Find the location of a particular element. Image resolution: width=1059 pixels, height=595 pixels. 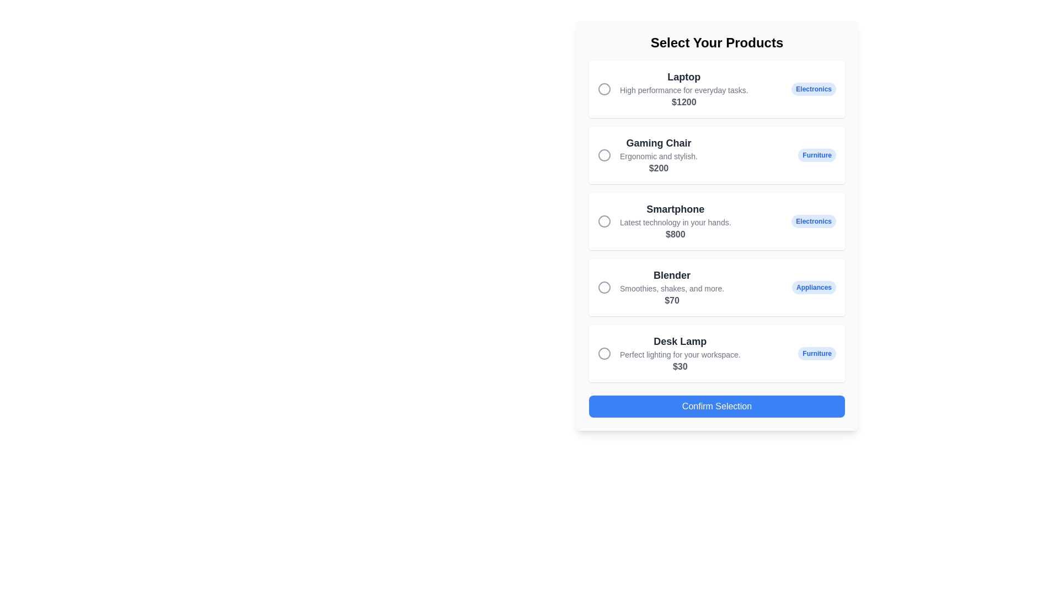

the radio button located to the left of the 'Blender' product label to make a selection is located at coordinates (603, 286).